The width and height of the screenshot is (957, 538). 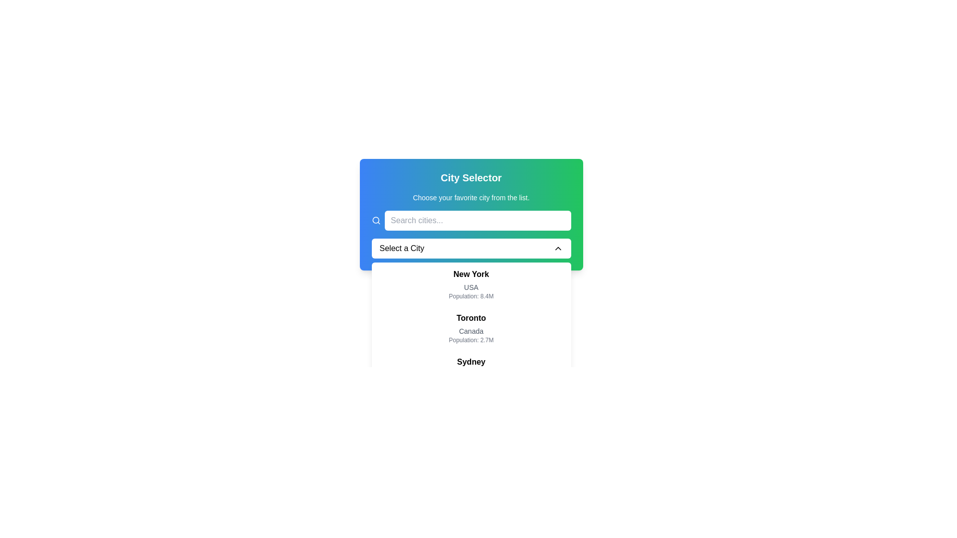 I want to click on the informative Text Block that provides guidance for selecting a favorite city, located below the 'City Selector' title and above the search bar, so click(x=471, y=198).